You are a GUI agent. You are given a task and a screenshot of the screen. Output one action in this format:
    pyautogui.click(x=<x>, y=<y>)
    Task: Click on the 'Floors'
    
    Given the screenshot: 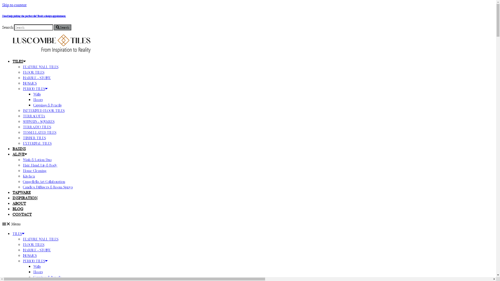 What is the action you would take?
    pyautogui.click(x=37, y=272)
    